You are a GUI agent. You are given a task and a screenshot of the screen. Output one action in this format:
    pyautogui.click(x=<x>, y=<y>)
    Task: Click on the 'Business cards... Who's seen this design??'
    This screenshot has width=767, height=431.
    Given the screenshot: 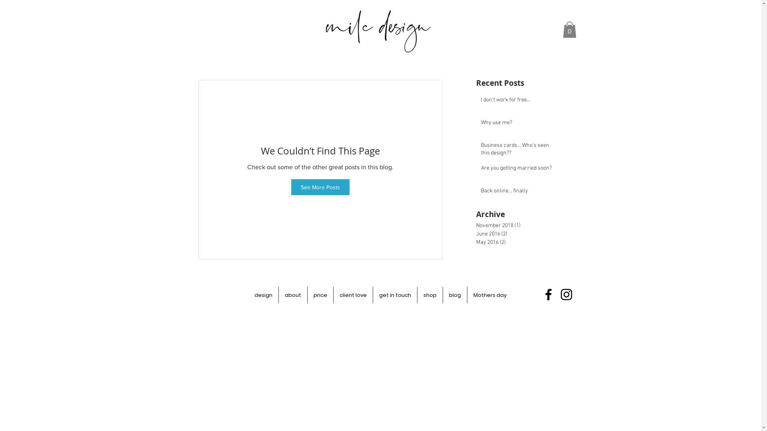 What is the action you would take?
    pyautogui.click(x=517, y=151)
    